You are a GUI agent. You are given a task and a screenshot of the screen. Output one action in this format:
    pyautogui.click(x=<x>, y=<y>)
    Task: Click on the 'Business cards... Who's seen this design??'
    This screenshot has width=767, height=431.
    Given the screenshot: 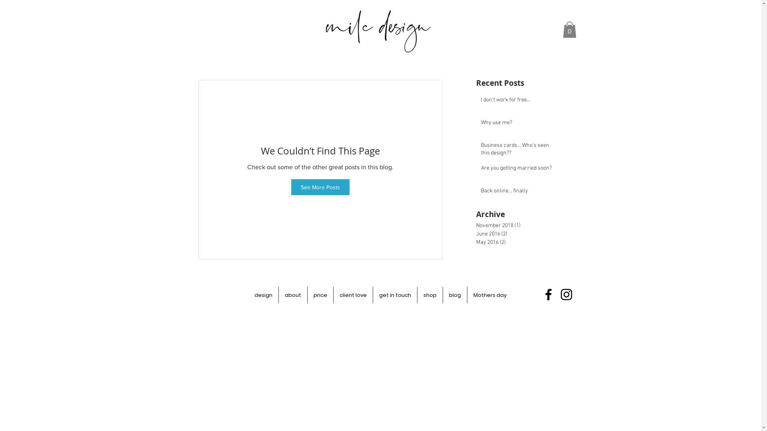 What is the action you would take?
    pyautogui.click(x=517, y=151)
    